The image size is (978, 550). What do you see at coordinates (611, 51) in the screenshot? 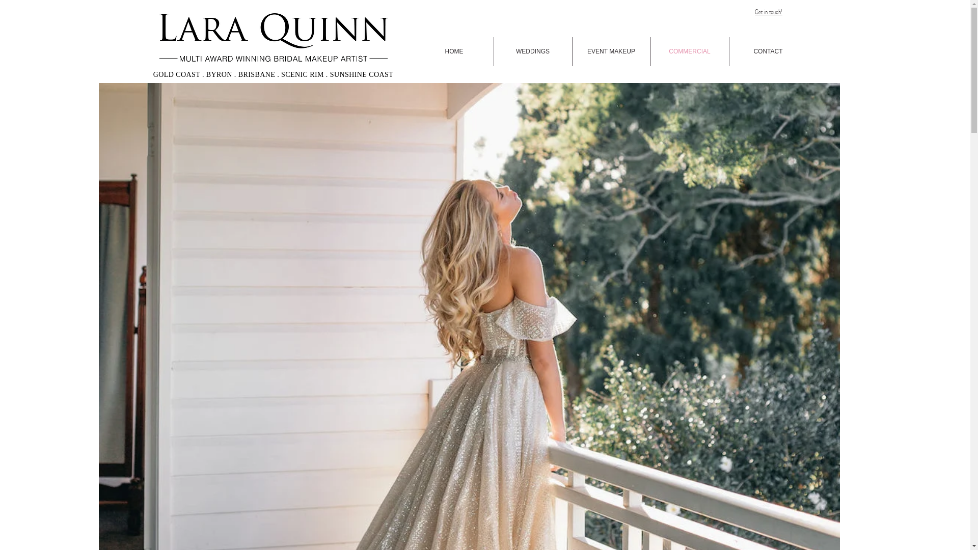
I see `'EVENT MAKEUP'` at bounding box center [611, 51].